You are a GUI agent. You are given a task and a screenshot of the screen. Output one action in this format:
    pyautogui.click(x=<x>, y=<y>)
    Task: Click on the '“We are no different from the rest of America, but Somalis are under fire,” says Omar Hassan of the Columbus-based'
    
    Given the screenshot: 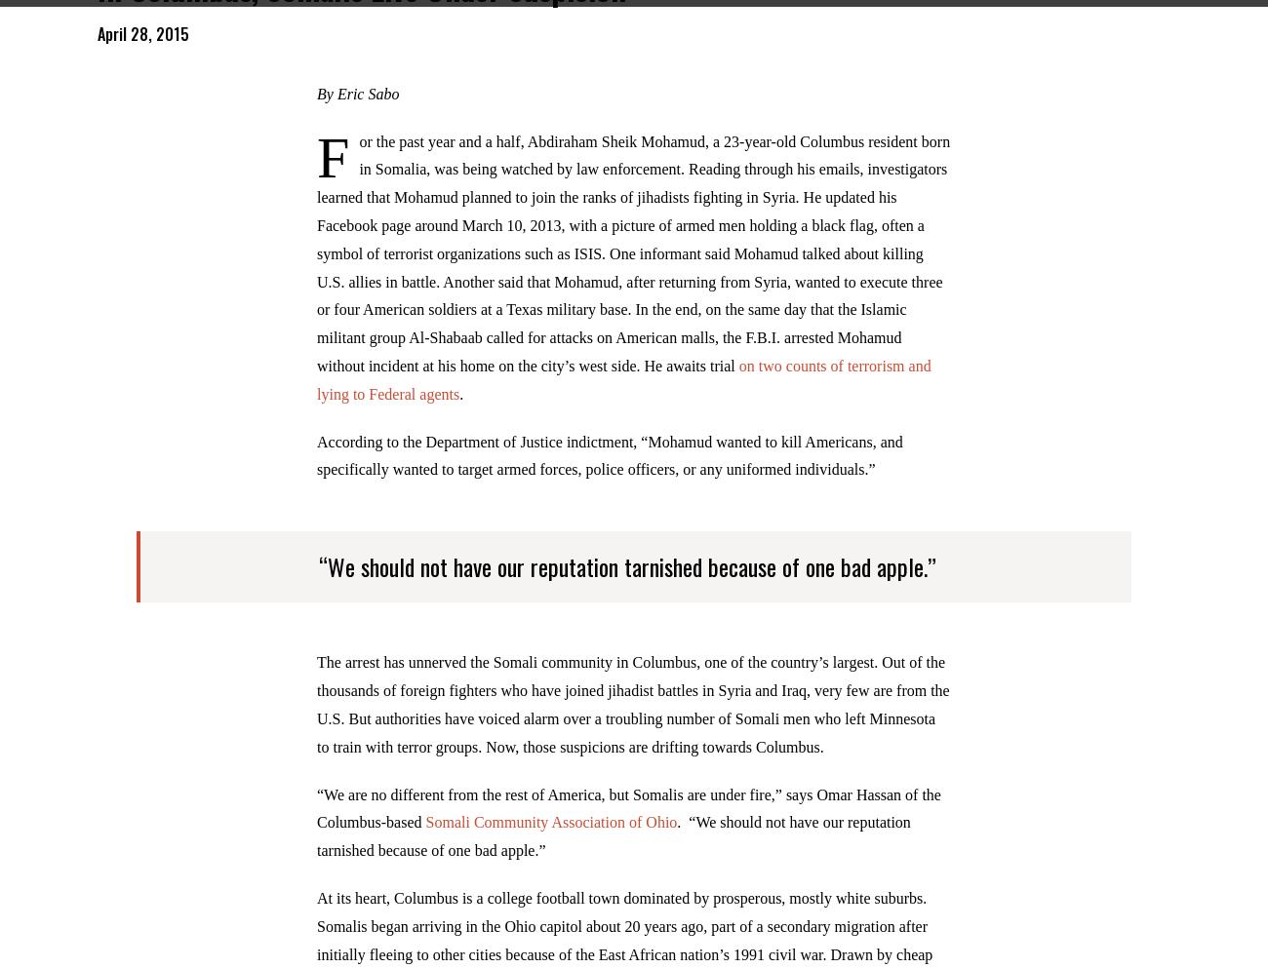 What is the action you would take?
    pyautogui.click(x=628, y=820)
    